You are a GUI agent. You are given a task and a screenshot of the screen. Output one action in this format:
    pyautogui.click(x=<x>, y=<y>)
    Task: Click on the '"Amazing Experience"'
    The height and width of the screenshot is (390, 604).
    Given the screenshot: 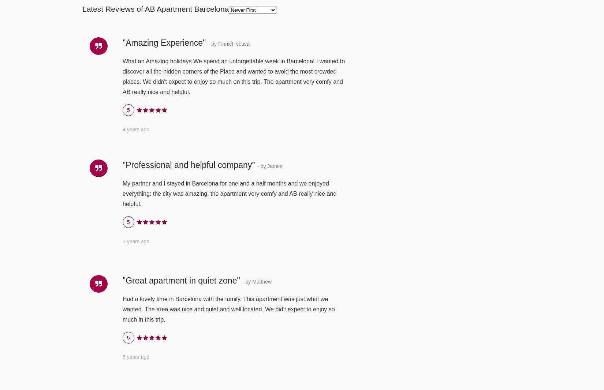 What is the action you would take?
    pyautogui.click(x=165, y=42)
    